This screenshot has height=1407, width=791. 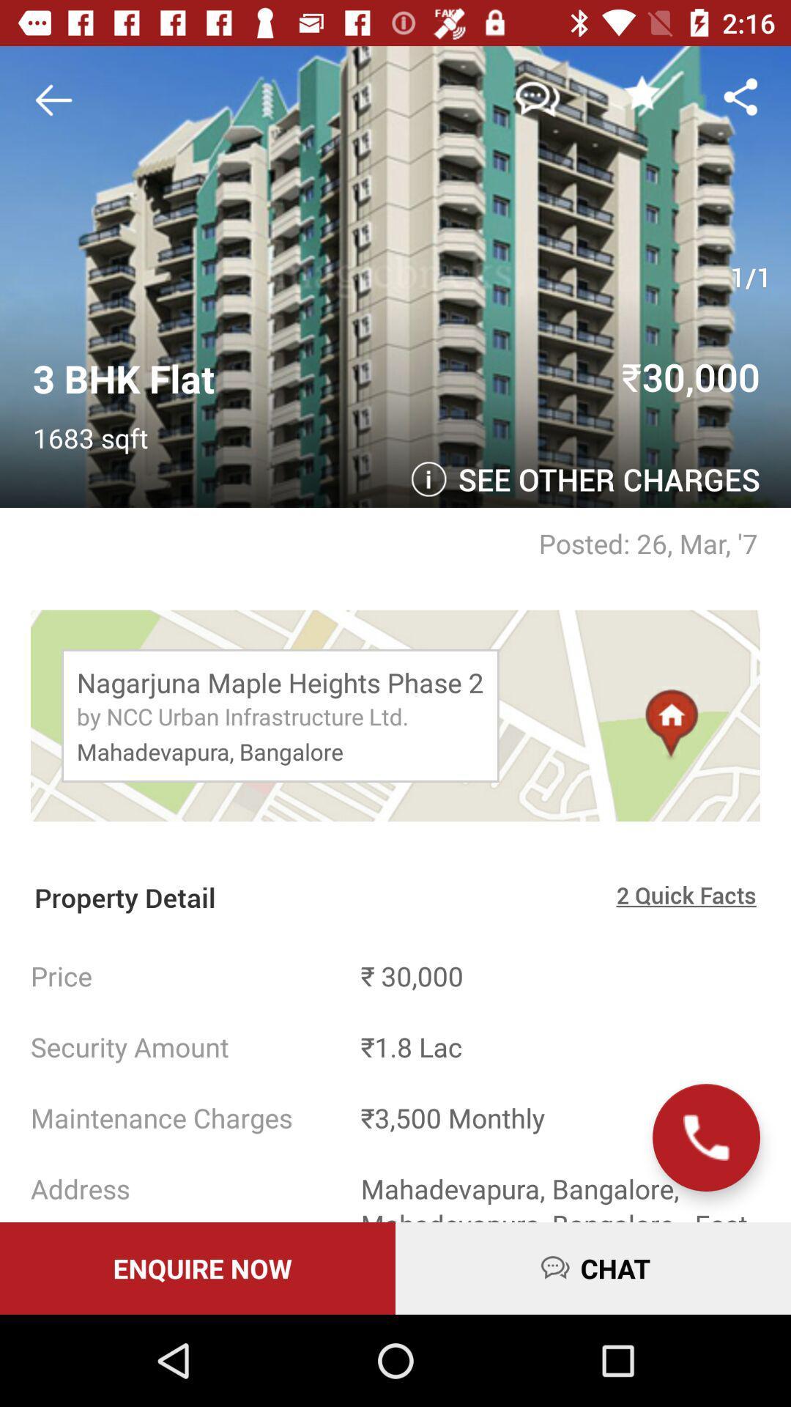 What do you see at coordinates (740, 95) in the screenshot?
I see `share listing` at bounding box center [740, 95].